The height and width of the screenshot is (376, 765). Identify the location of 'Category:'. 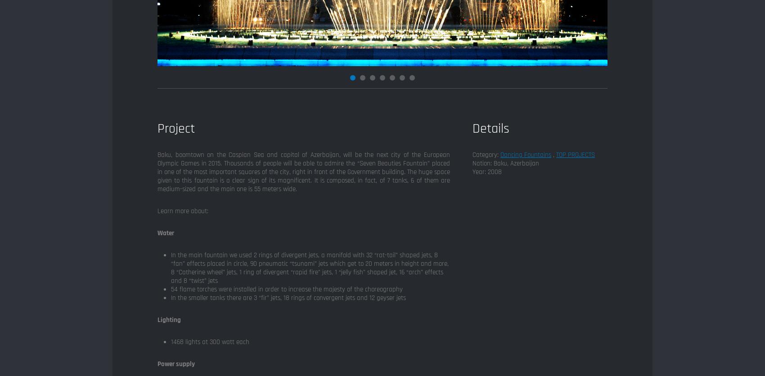
(486, 154).